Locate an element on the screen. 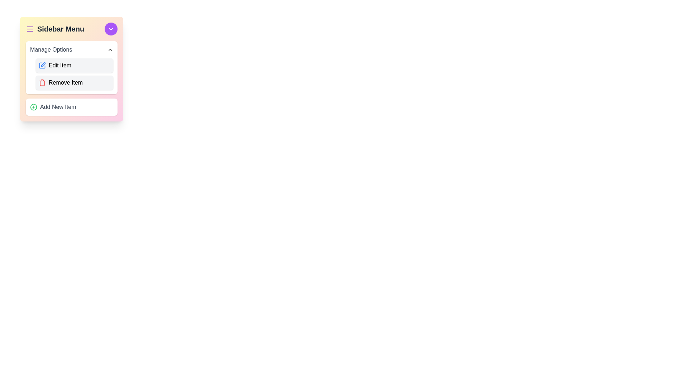 This screenshot has width=688, height=387. the hamburger menu icon located on the far left side of the sidebar header is located at coordinates (29, 29).